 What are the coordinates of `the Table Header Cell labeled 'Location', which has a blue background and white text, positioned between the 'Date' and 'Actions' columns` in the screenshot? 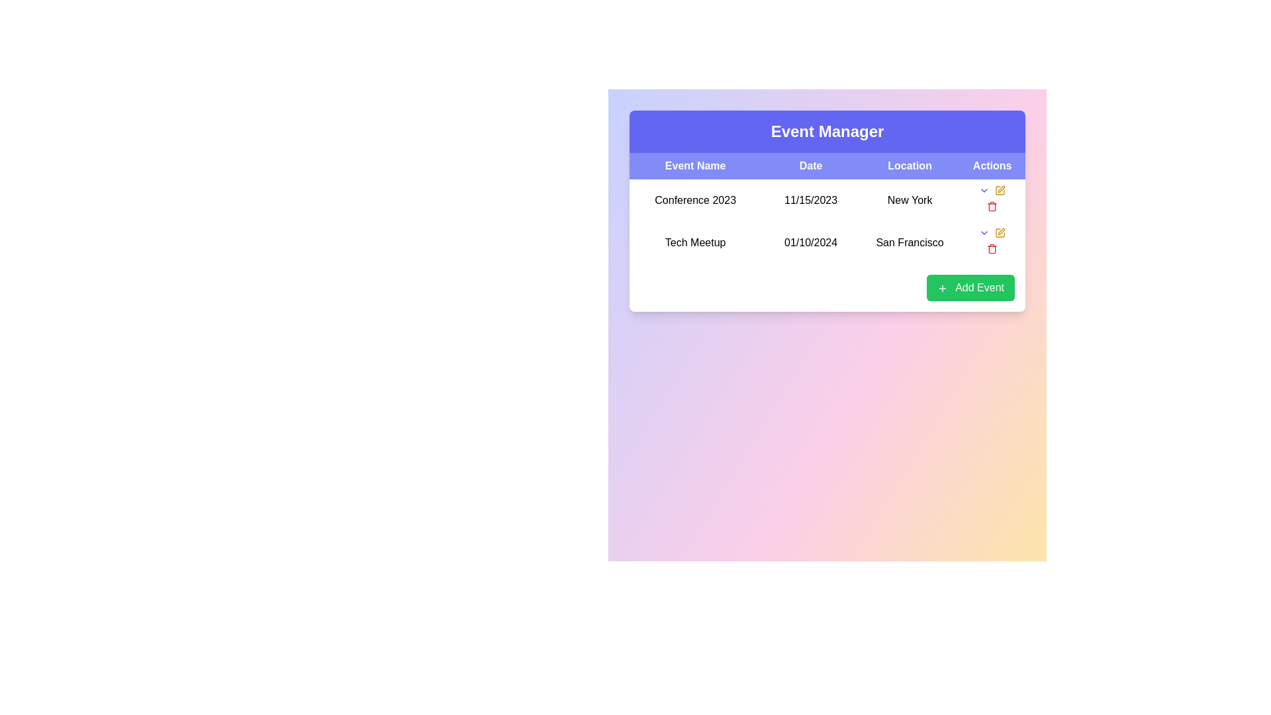 It's located at (909, 165).